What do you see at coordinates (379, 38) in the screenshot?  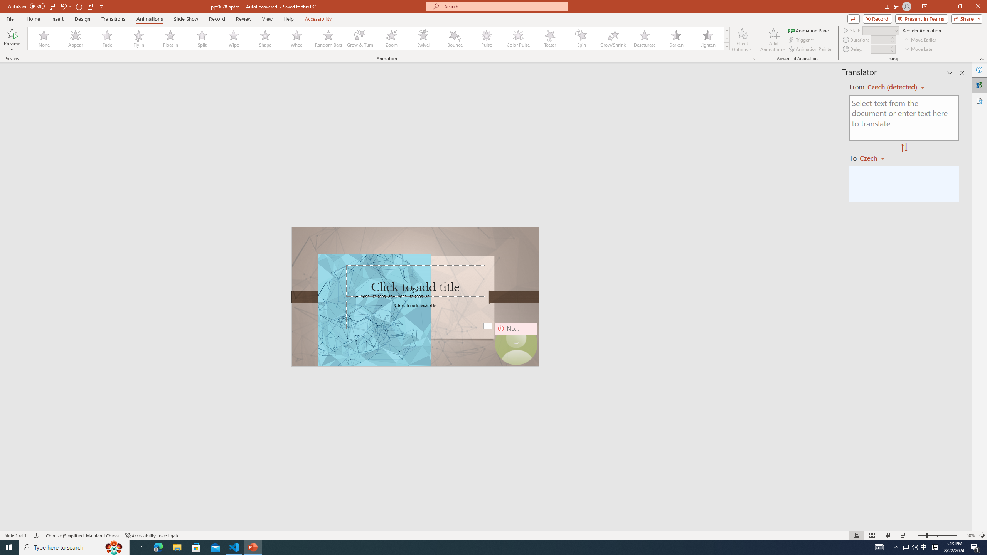 I see `'AutomationID: AnimationGallery'` at bounding box center [379, 38].